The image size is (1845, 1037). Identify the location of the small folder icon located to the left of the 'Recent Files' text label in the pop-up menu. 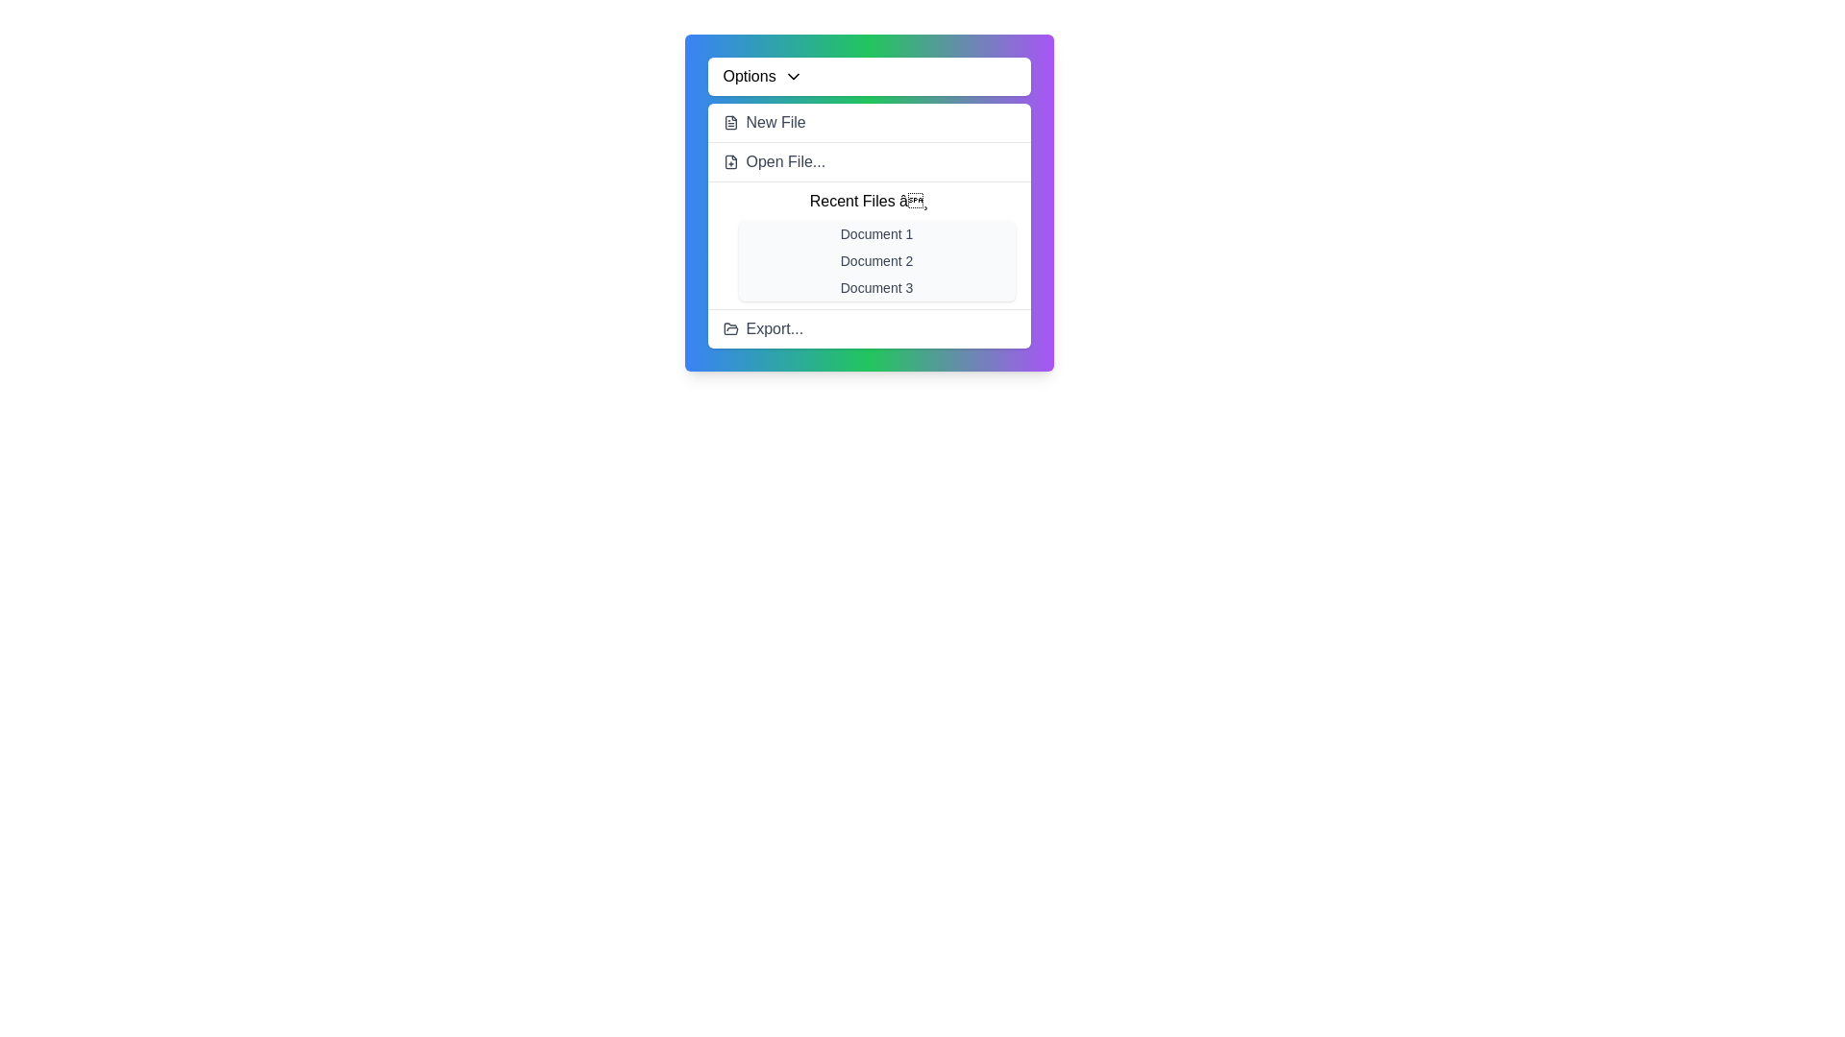
(729, 327).